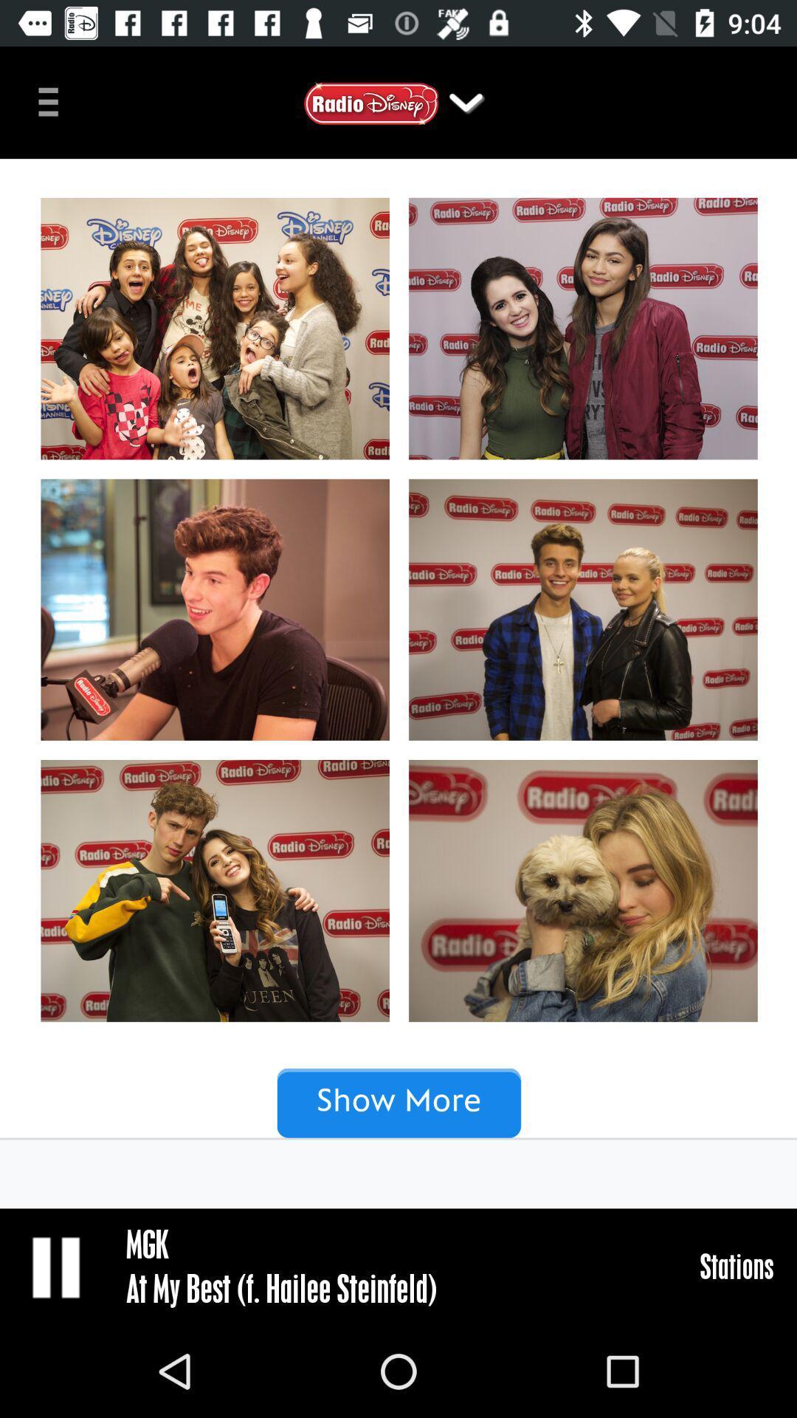 The height and width of the screenshot is (1418, 797). I want to click on play box, so click(57, 1266).